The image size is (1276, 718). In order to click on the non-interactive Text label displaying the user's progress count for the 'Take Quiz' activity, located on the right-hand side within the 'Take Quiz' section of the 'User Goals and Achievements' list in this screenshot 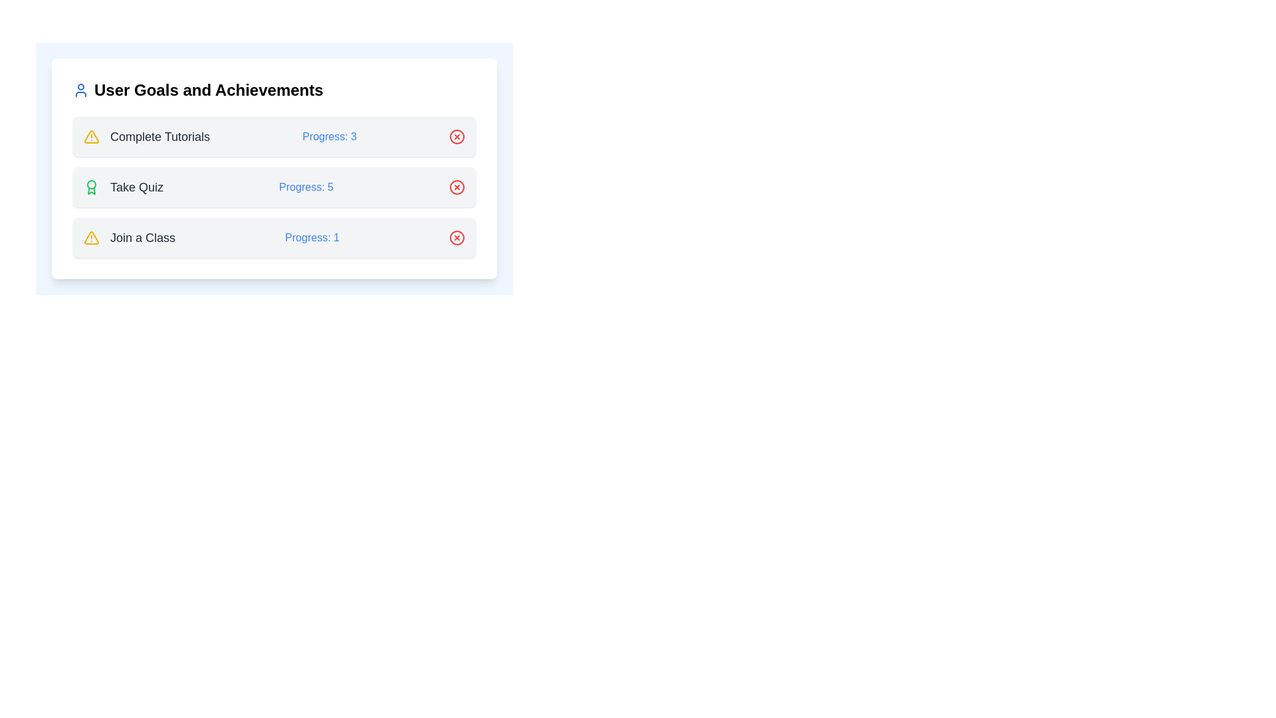, I will do `click(305, 187)`.